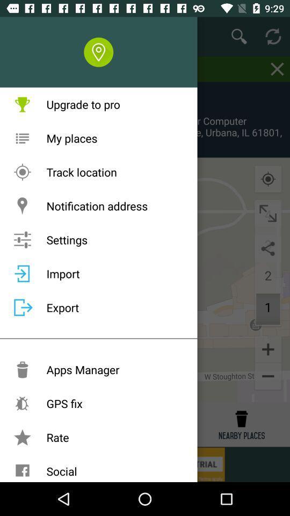 The width and height of the screenshot is (290, 516). Describe the element at coordinates (267, 377) in the screenshot. I see `the minus icon` at that location.